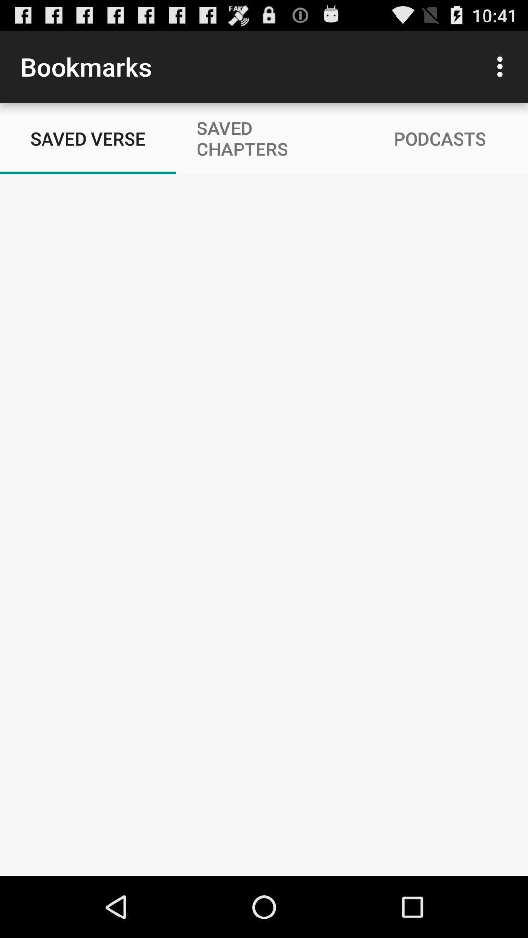 This screenshot has width=528, height=938. Describe the element at coordinates (264, 844) in the screenshot. I see `icon below saved verse item` at that location.